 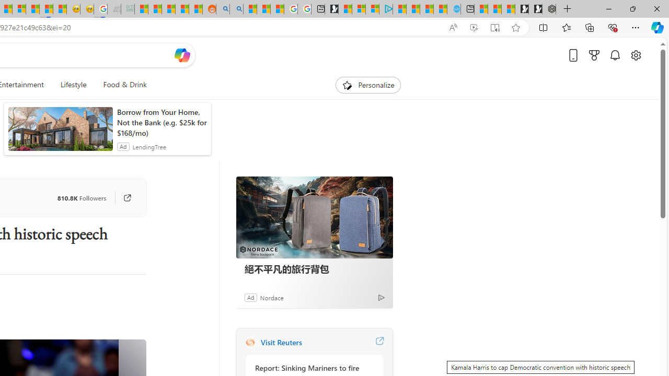 What do you see at coordinates (73, 85) in the screenshot?
I see `'Lifestyle'` at bounding box center [73, 85].